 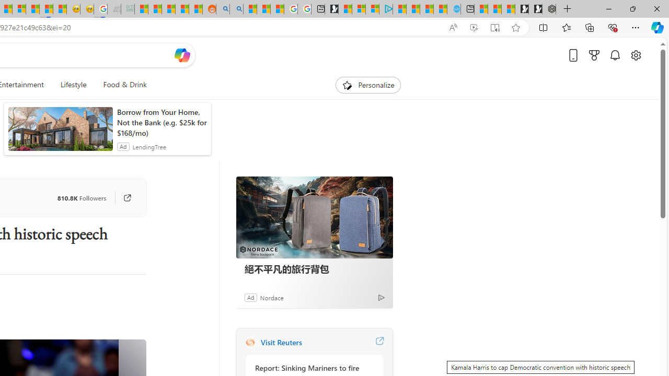 What do you see at coordinates (73, 85) in the screenshot?
I see `'Lifestyle'` at bounding box center [73, 85].